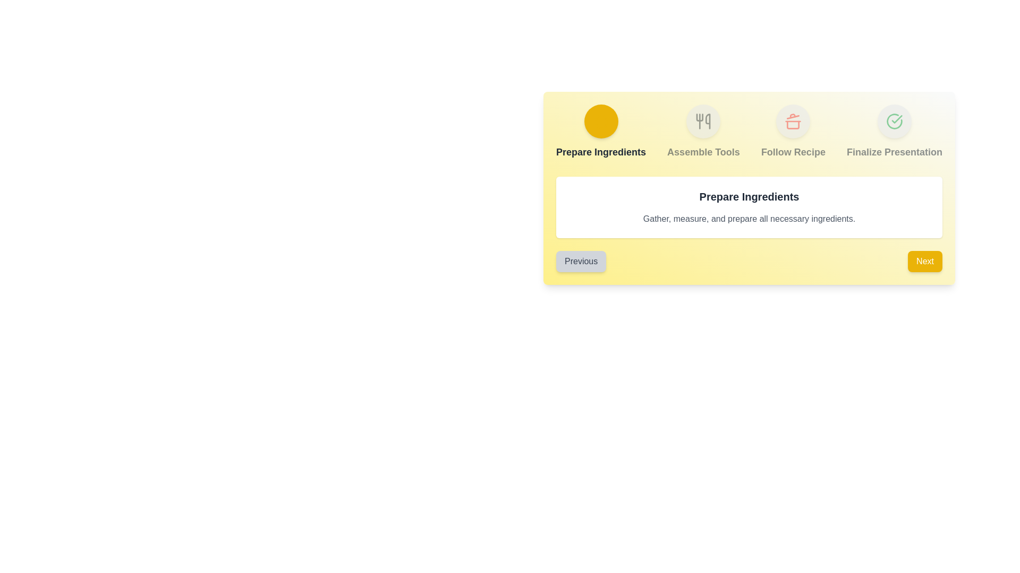 This screenshot has width=1020, height=573. Describe the element at coordinates (894, 120) in the screenshot. I see `the circular icon with a gray background and a green checkmark, located above the text 'Finalize Presentation' on the far right of a horizontal group of items` at that location.